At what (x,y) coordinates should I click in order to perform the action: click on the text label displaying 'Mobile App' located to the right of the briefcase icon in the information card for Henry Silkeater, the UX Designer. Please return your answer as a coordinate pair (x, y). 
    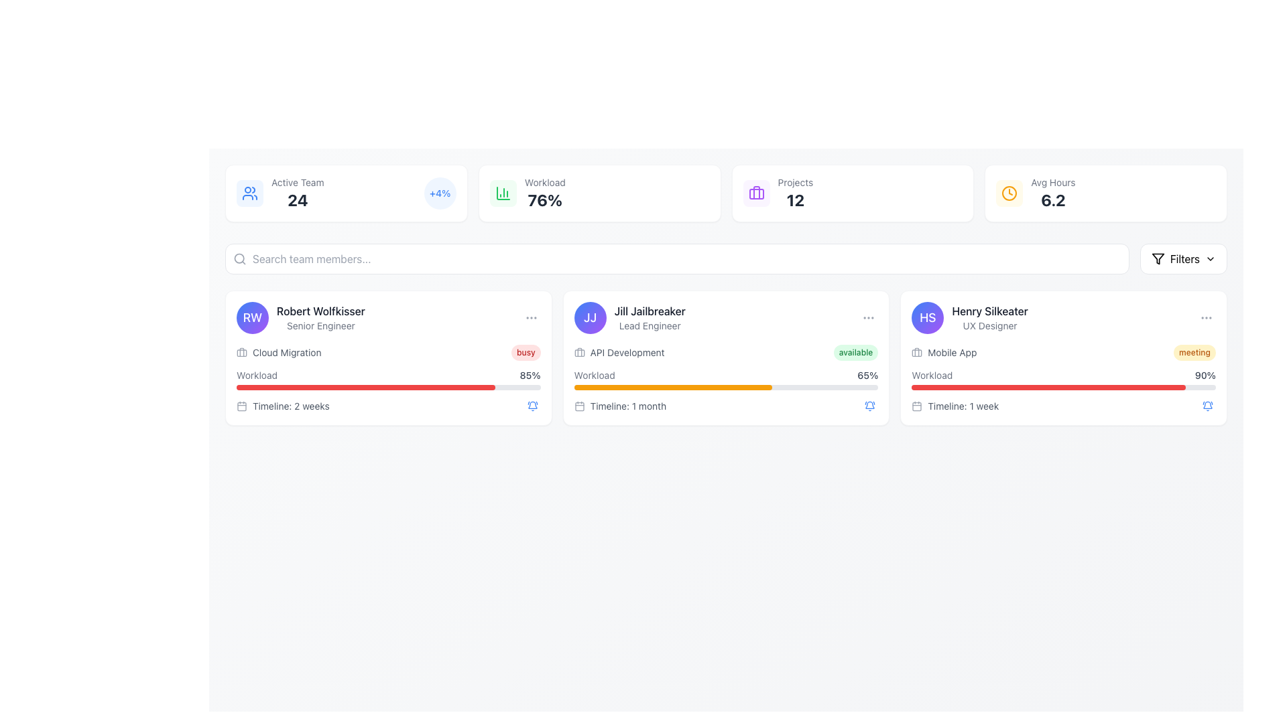
    Looking at the image, I should click on (951, 352).